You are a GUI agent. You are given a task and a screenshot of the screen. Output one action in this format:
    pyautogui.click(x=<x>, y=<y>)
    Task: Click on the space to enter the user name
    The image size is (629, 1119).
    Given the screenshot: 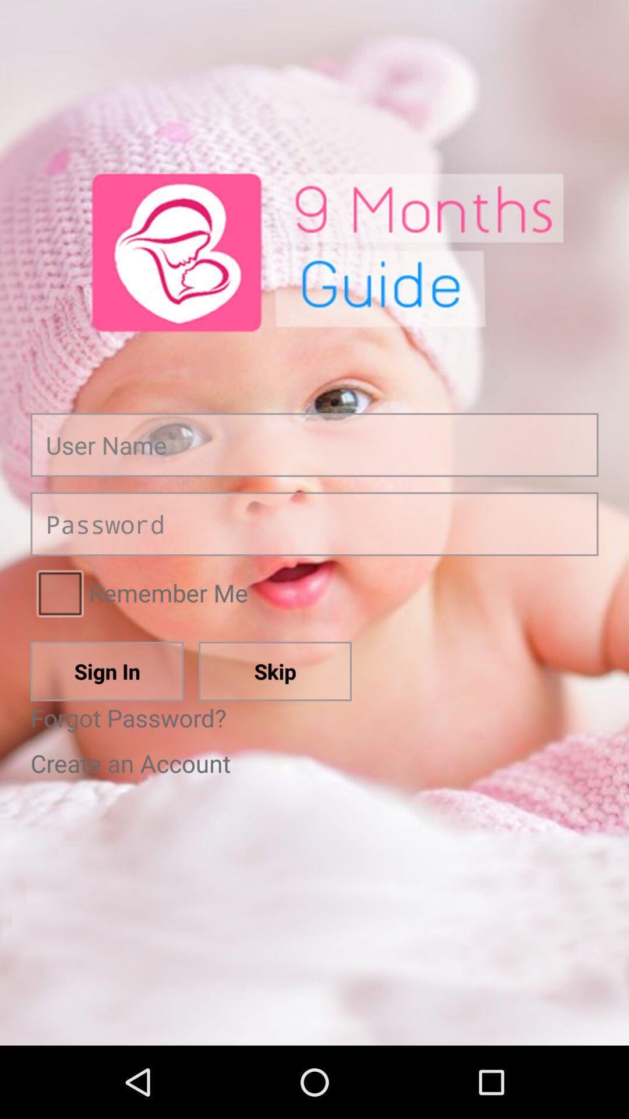 What is the action you would take?
    pyautogui.click(x=314, y=444)
    